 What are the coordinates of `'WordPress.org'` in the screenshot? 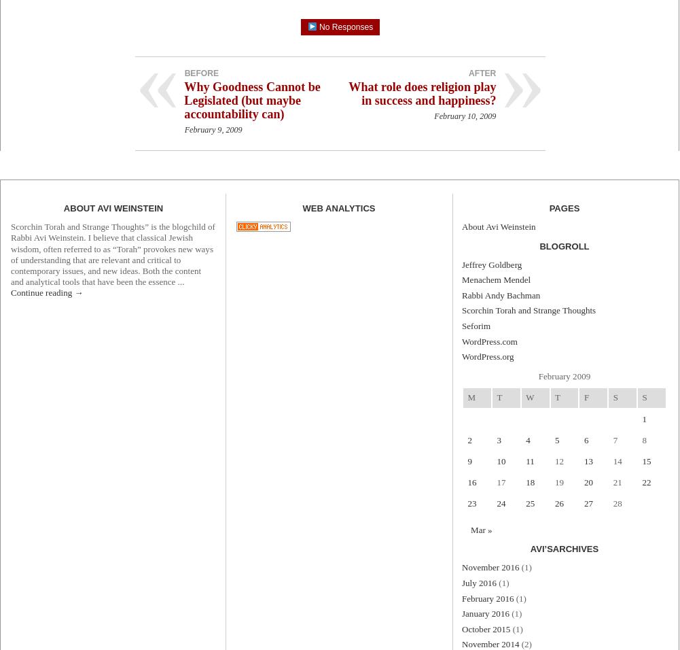 It's located at (488, 356).